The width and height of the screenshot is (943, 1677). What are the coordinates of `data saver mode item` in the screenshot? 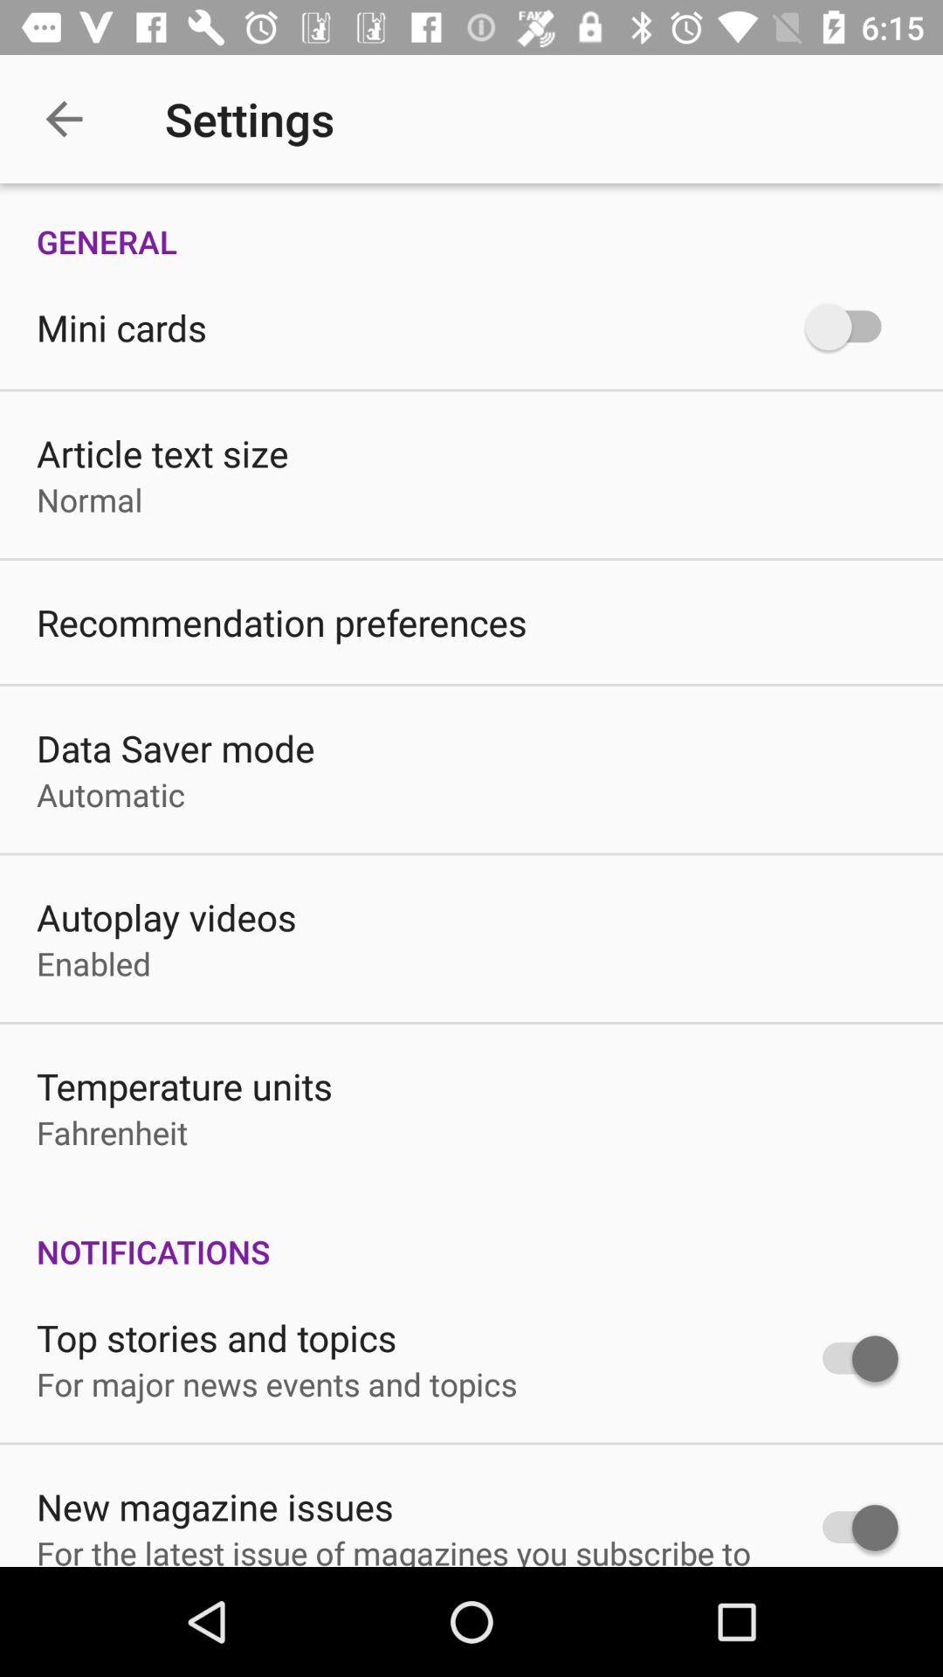 It's located at (176, 748).